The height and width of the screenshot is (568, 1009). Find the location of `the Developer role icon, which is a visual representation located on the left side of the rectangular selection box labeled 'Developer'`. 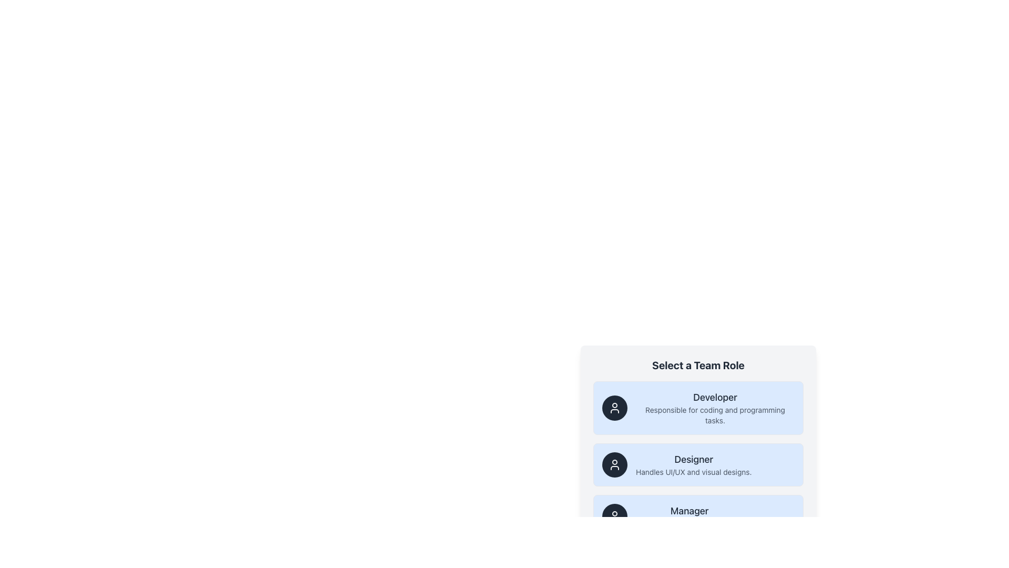

the Developer role icon, which is a visual representation located on the left side of the rectangular selection box labeled 'Developer' is located at coordinates (615, 407).